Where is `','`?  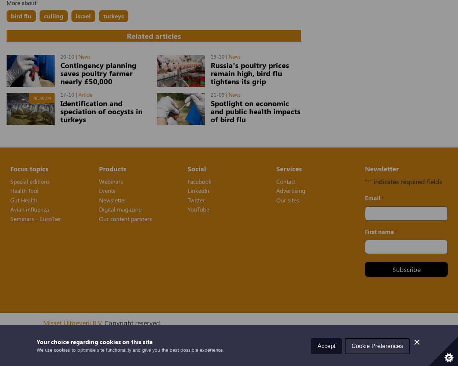 ',' is located at coordinates (220, 332).